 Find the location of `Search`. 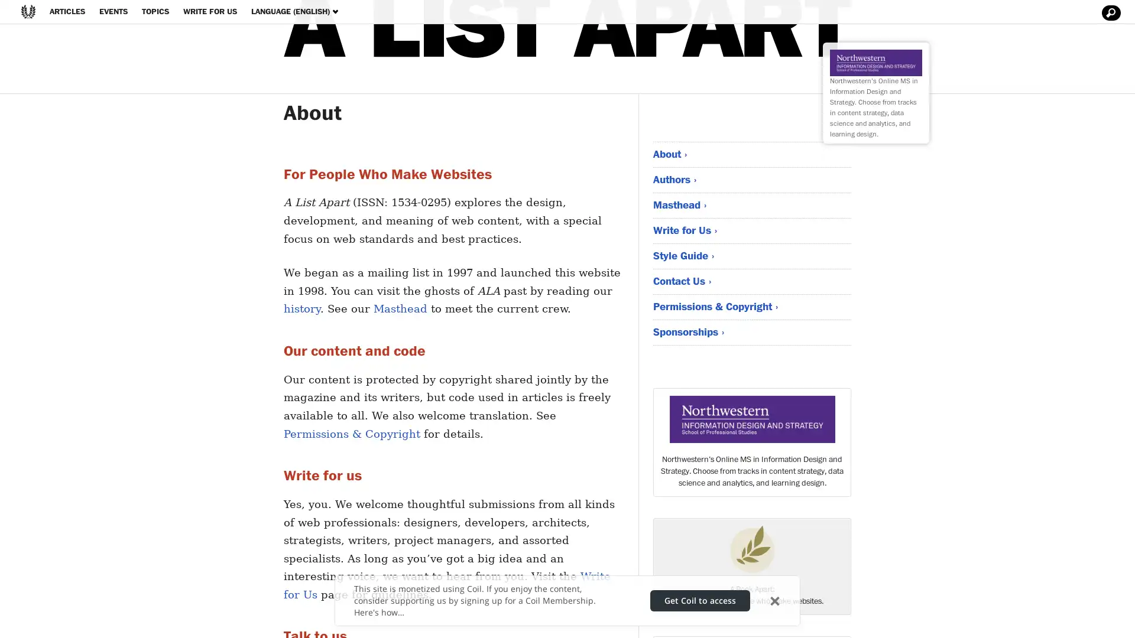

Search is located at coordinates (1109, 13).